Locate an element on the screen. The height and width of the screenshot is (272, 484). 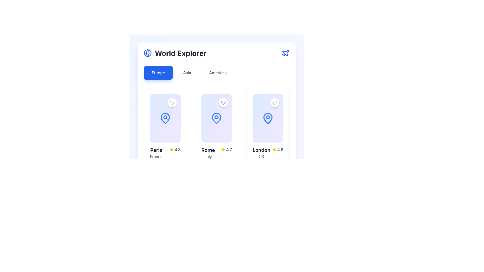
the text label indicating the rating value for 'London, UK', which is located in the third column of location cards and positioned to the right of the yellow star icon is located at coordinates (280, 149).